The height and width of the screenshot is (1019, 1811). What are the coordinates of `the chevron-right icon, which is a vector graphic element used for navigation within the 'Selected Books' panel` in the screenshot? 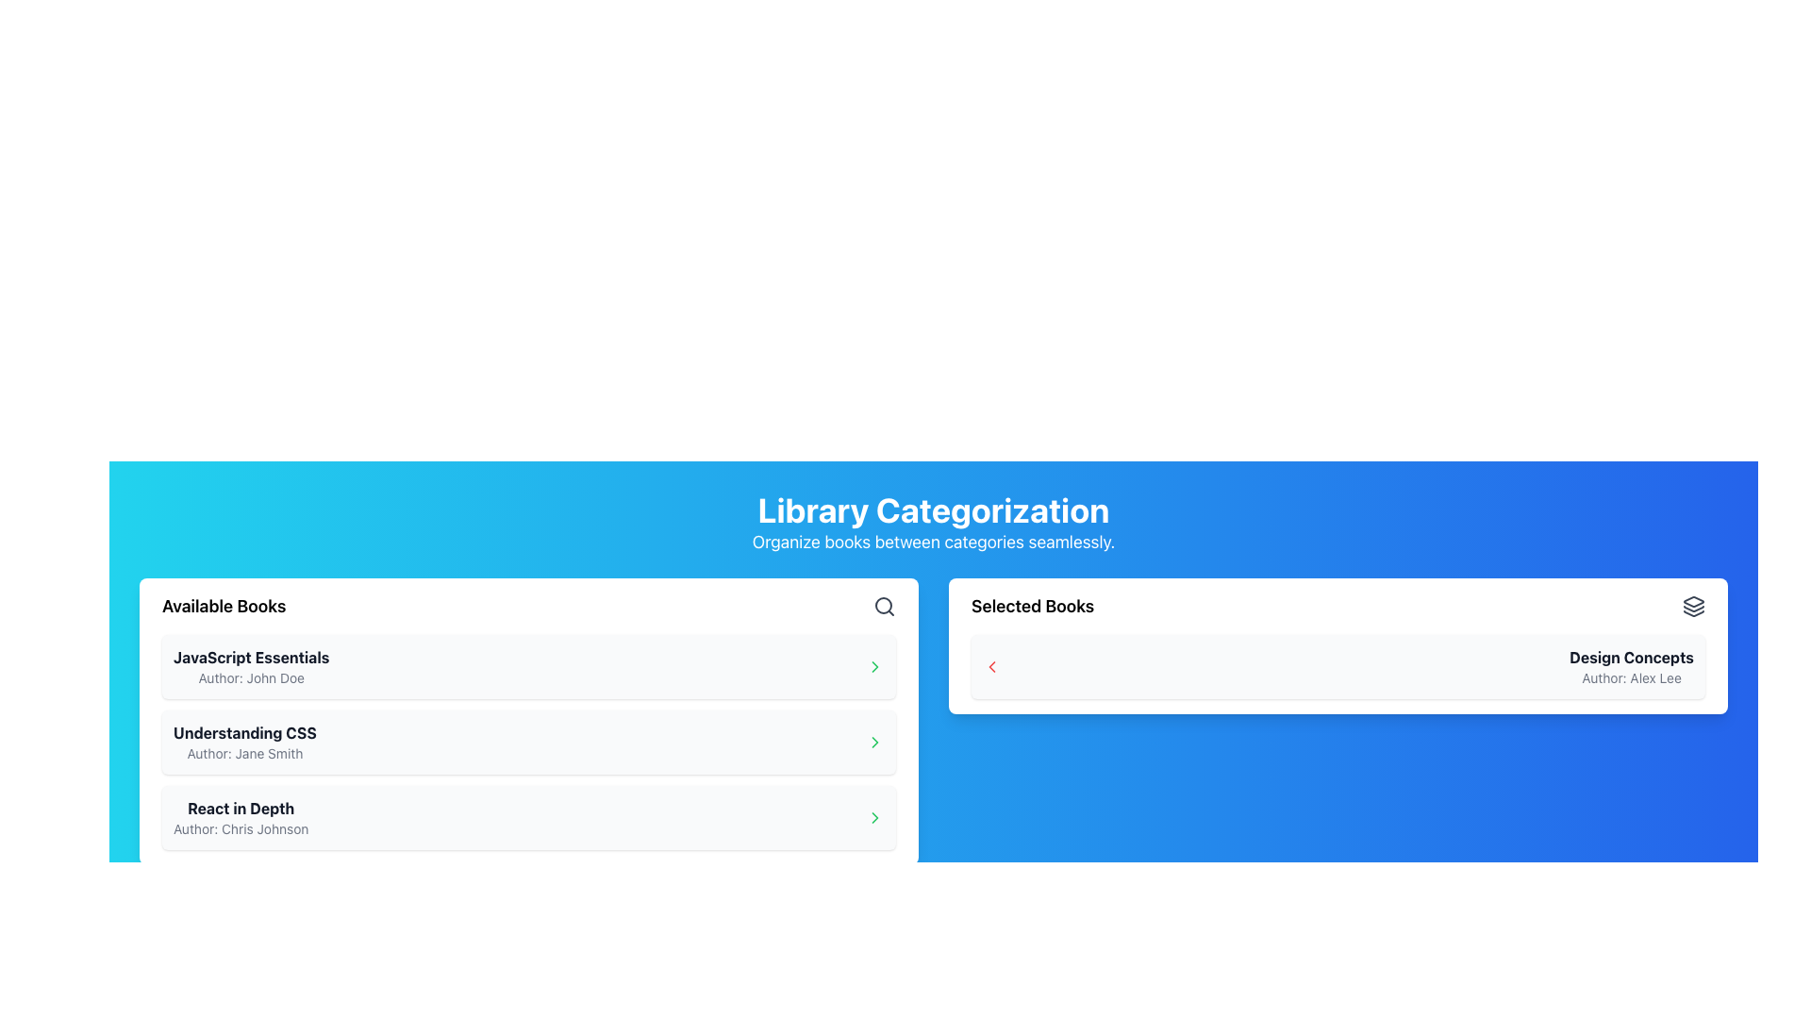 It's located at (873, 817).